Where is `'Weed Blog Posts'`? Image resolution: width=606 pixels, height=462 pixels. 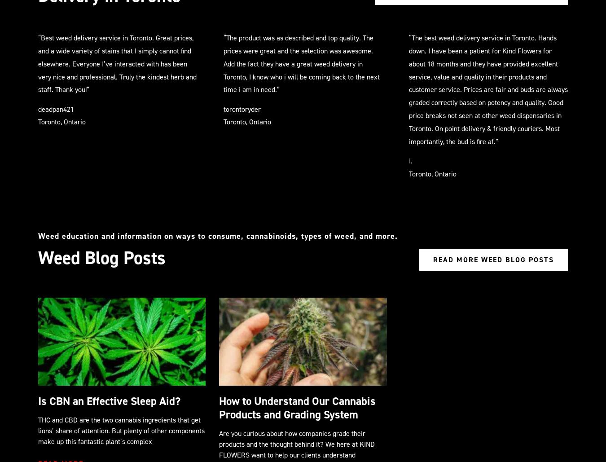
'Weed Blog Posts' is located at coordinates (38, 257).